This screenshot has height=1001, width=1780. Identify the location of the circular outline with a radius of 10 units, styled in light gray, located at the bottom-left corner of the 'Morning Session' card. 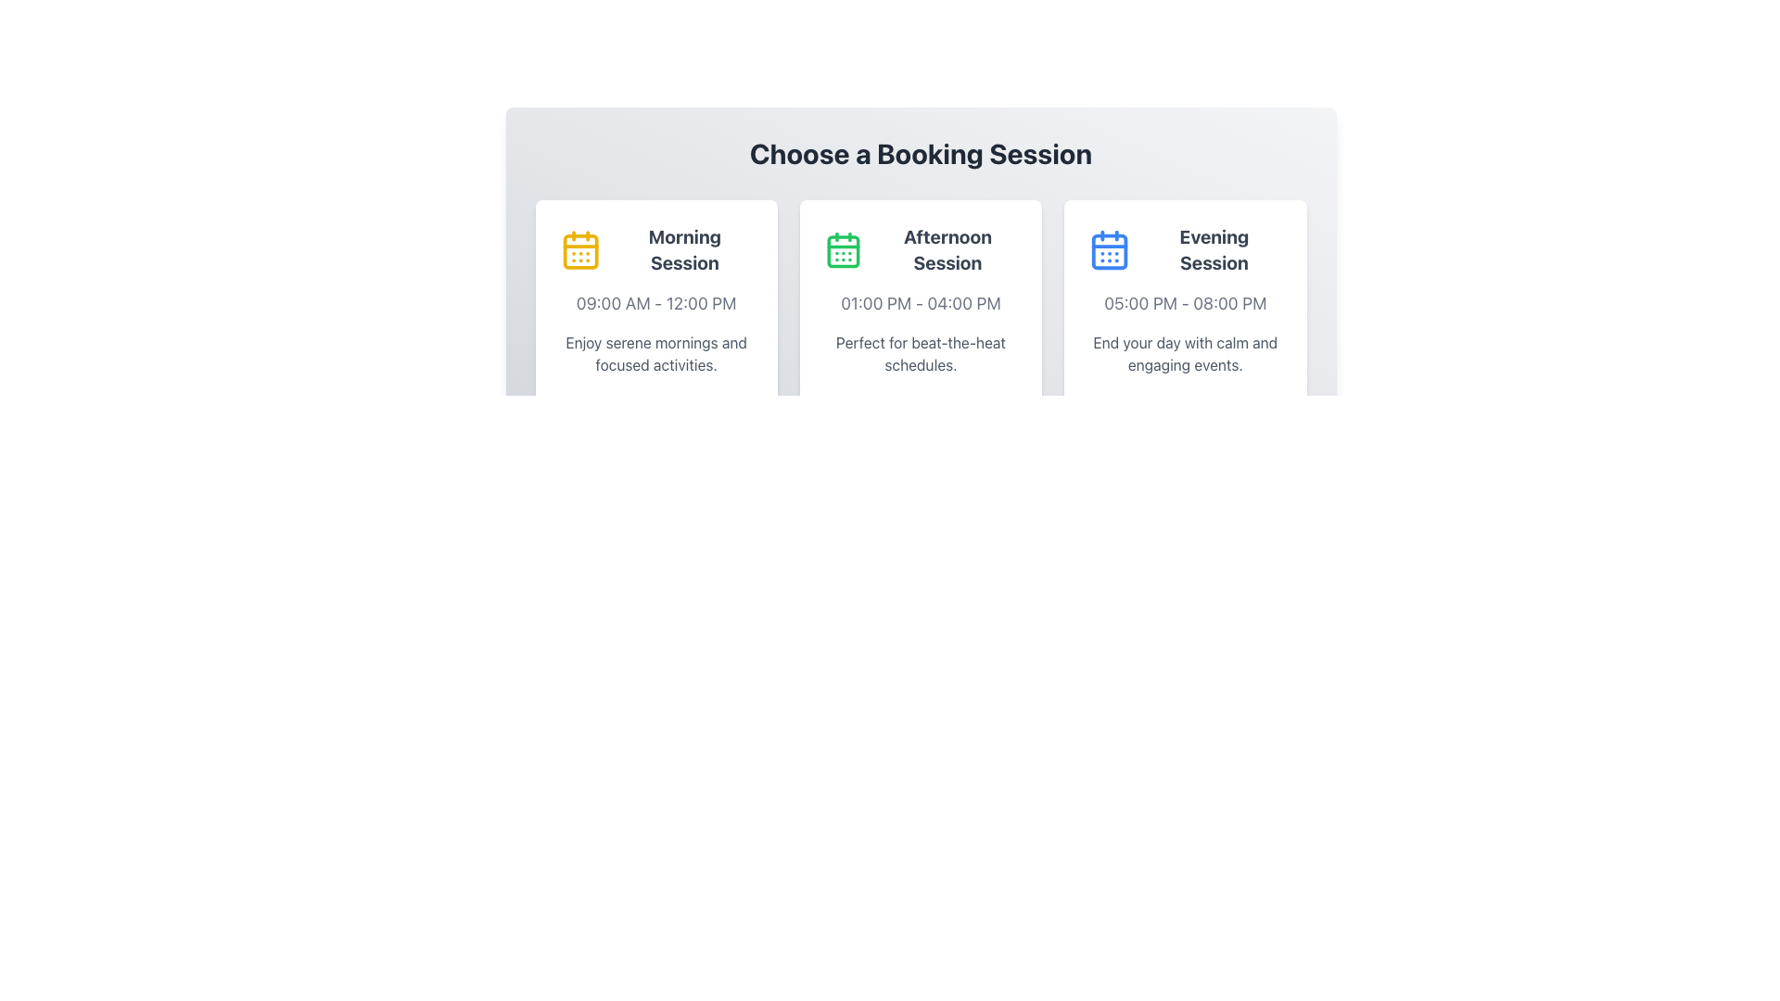
(742, 409).